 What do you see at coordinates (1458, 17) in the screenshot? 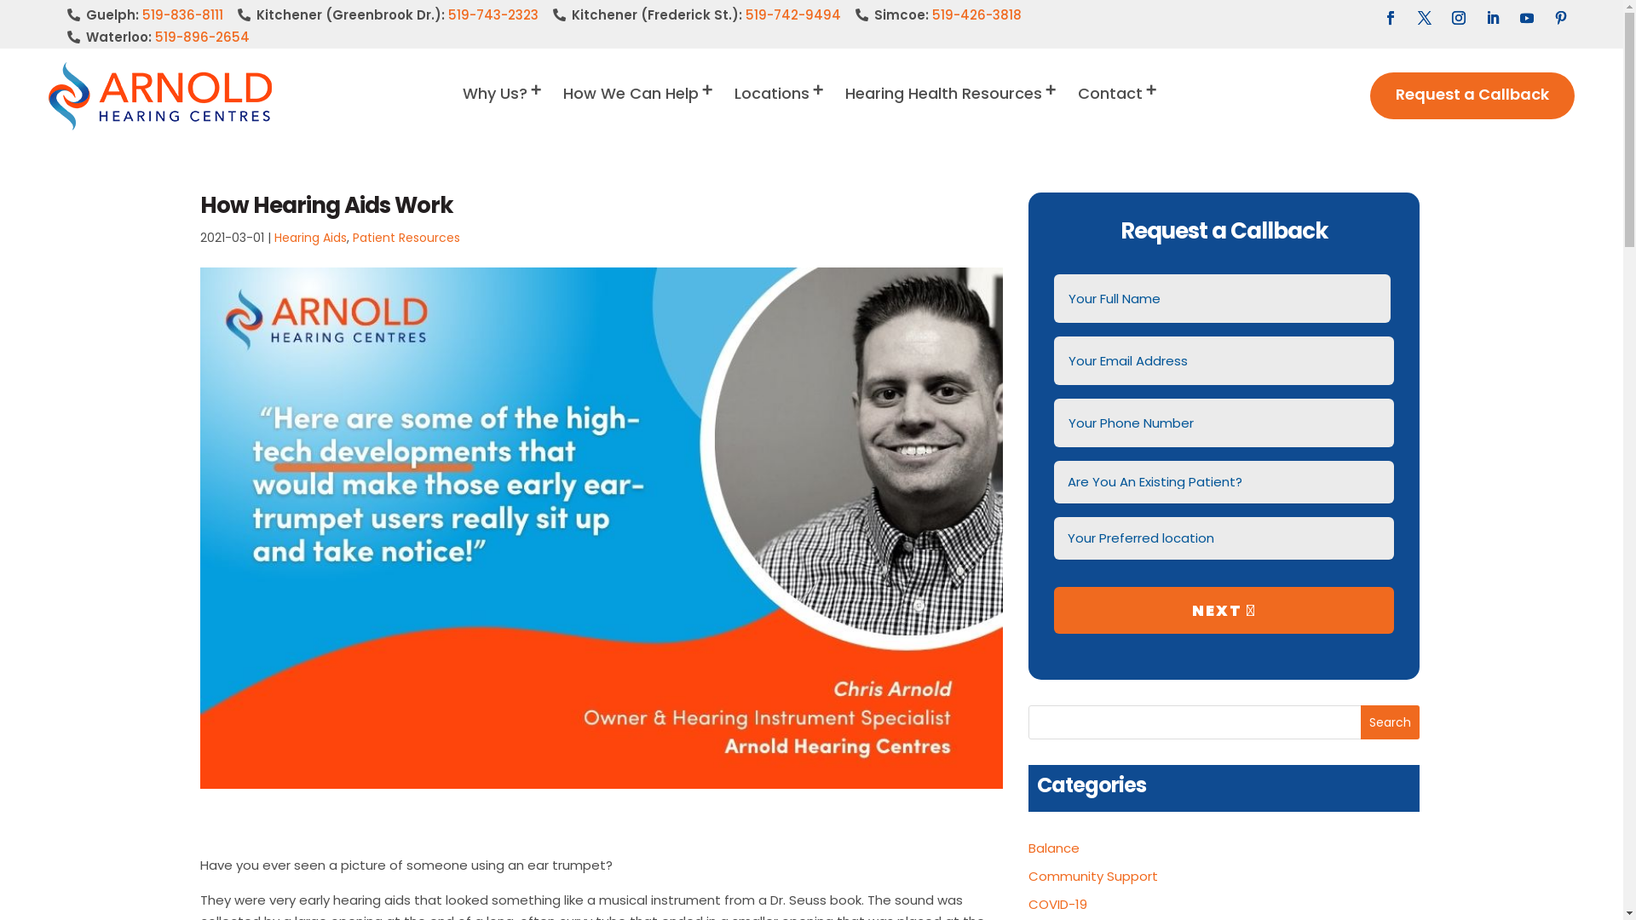
I see `'Follow on Instagram'` at bounding box center [1458, 17].